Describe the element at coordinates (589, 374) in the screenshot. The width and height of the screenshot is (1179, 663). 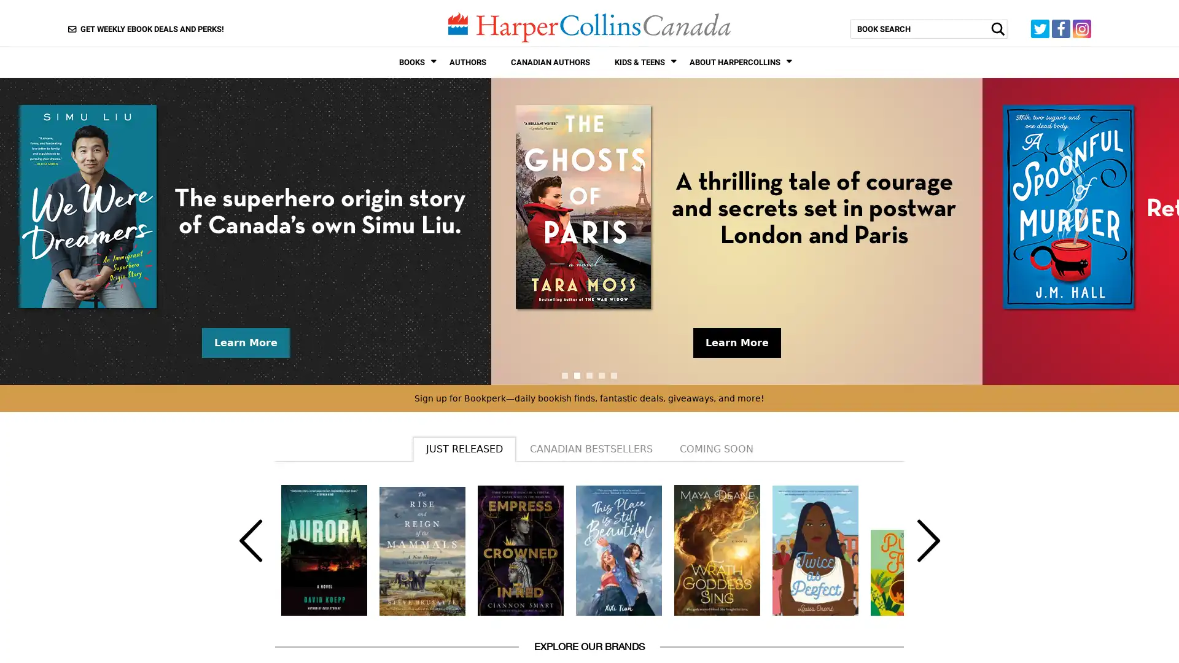
I see `3` at that location.